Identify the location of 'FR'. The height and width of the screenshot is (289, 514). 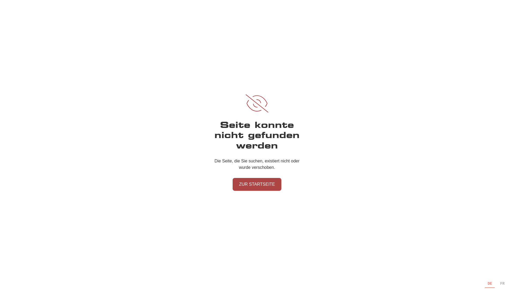
(500, 283).